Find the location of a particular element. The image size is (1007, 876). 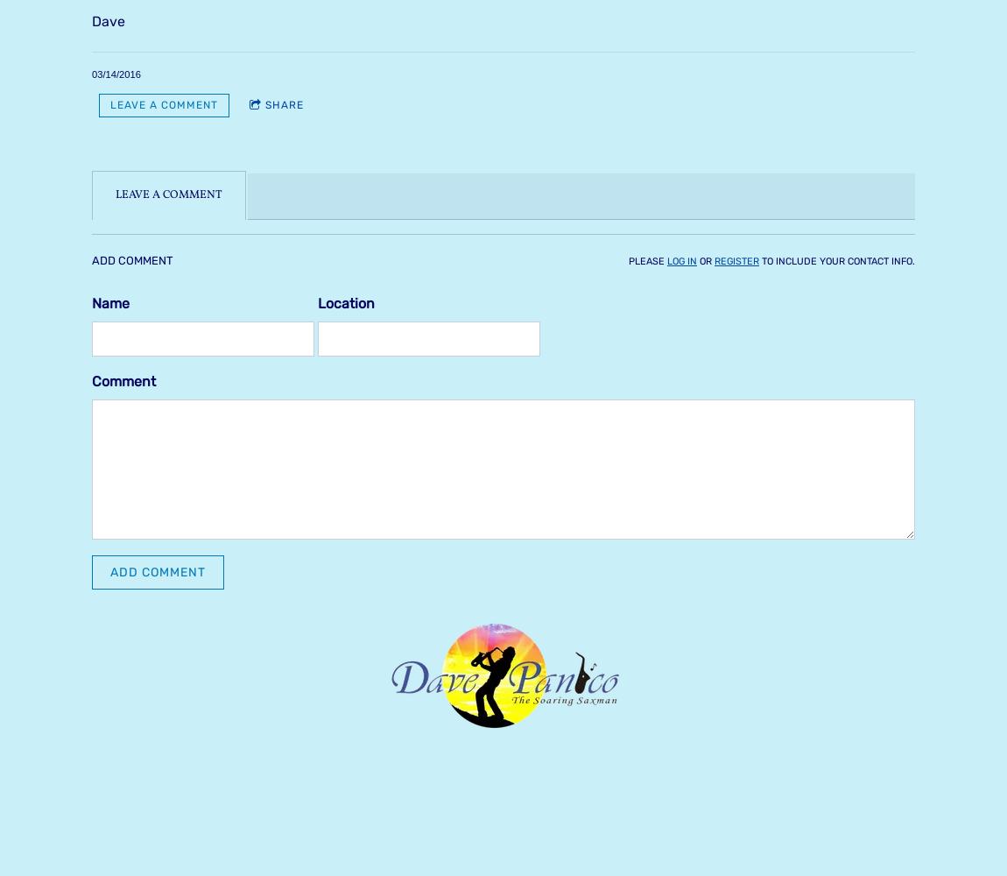

'Name' is located at coordinates (109, 301).